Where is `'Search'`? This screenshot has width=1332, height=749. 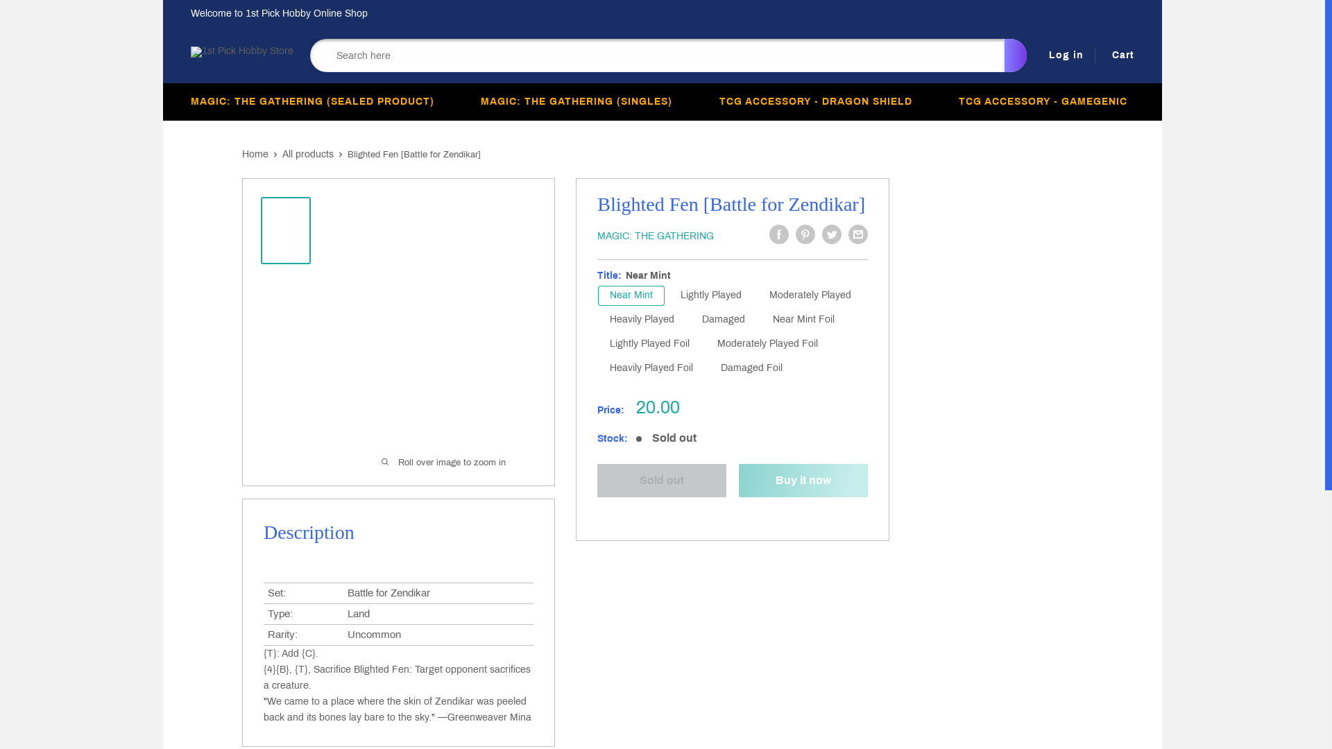
'Search' is located at coordinates (1005, 55).